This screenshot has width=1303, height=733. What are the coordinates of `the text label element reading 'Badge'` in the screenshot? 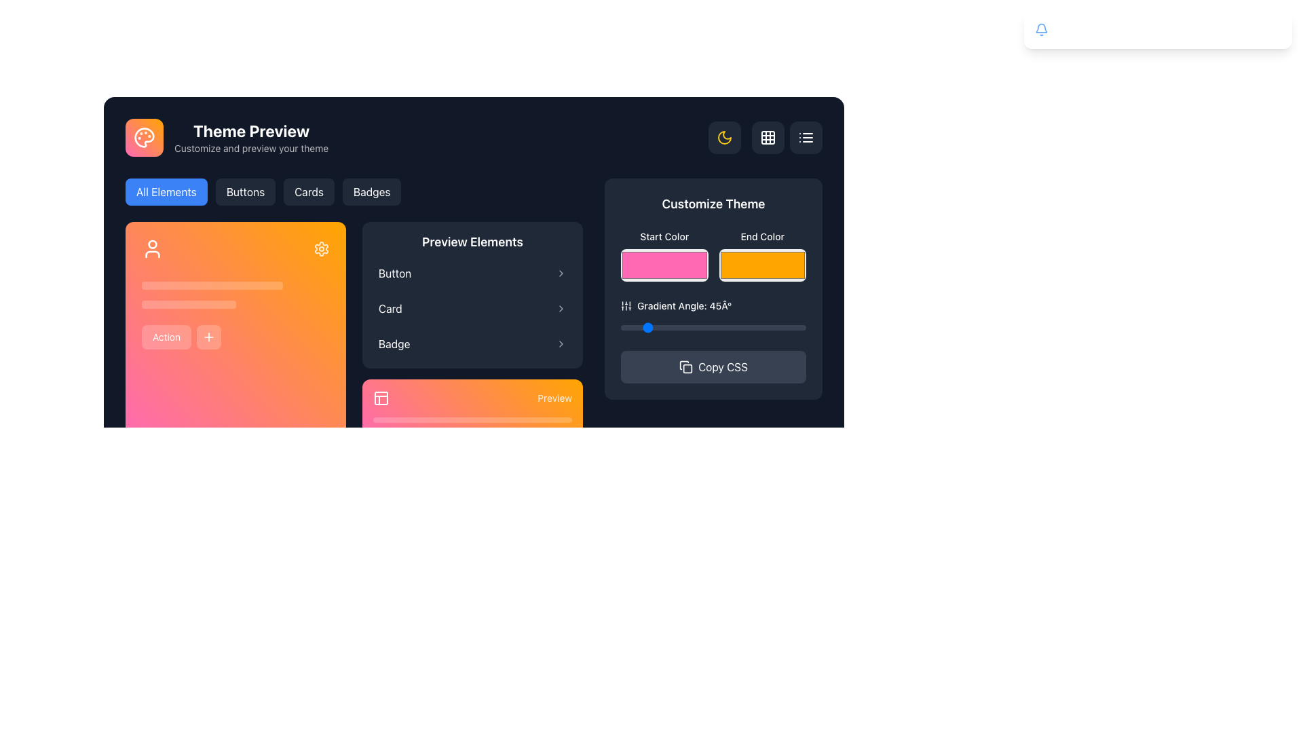 It's located at (394, 343).